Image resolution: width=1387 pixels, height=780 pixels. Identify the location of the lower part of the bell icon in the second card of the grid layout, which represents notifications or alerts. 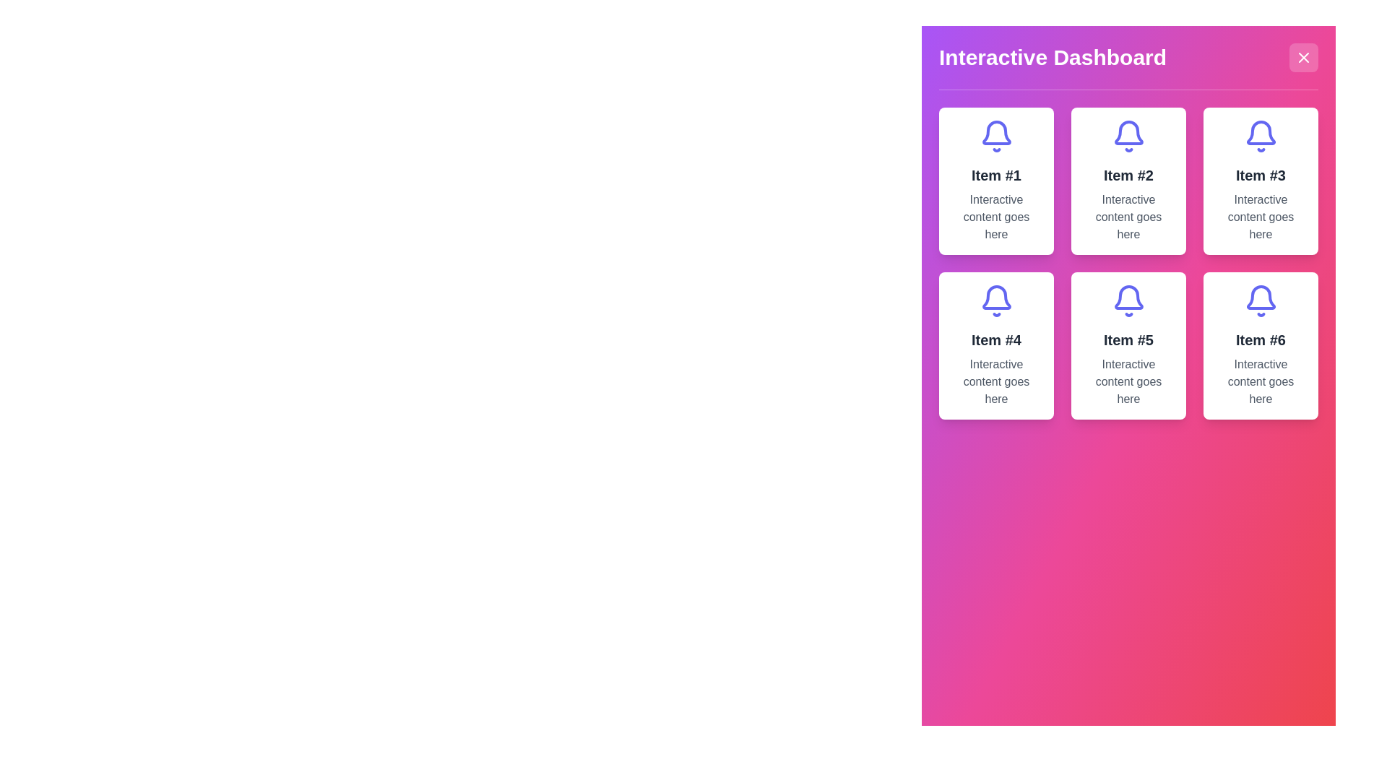
(1128, 133).